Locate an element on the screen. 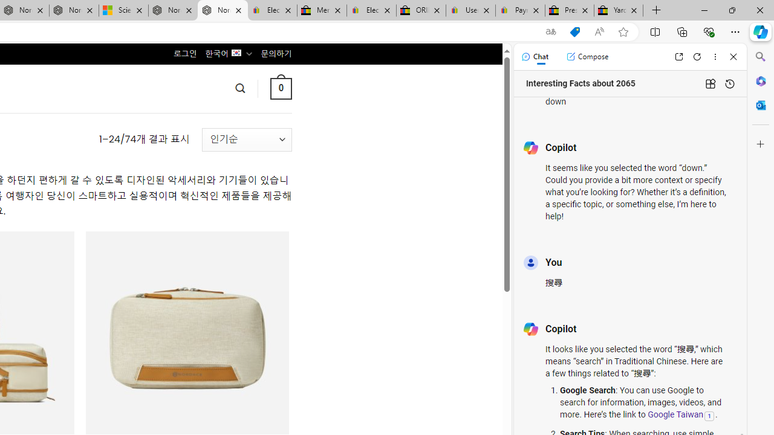 This screenshot has height=435, width=774. ' 0 ' is located at coordinates (280, 88).